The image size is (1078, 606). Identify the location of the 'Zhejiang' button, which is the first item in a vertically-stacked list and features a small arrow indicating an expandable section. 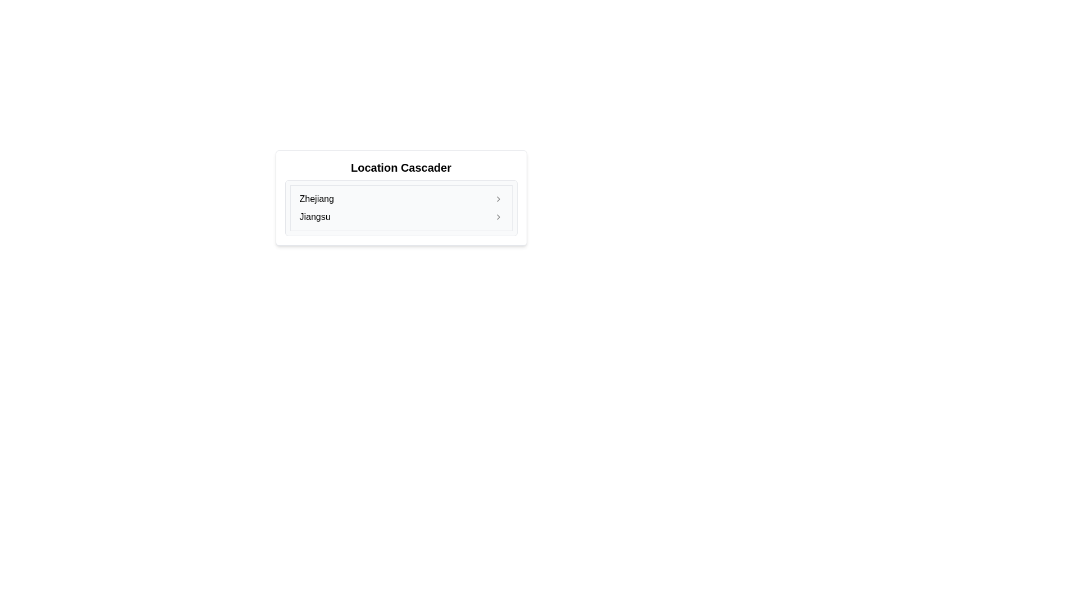
(401, 198).